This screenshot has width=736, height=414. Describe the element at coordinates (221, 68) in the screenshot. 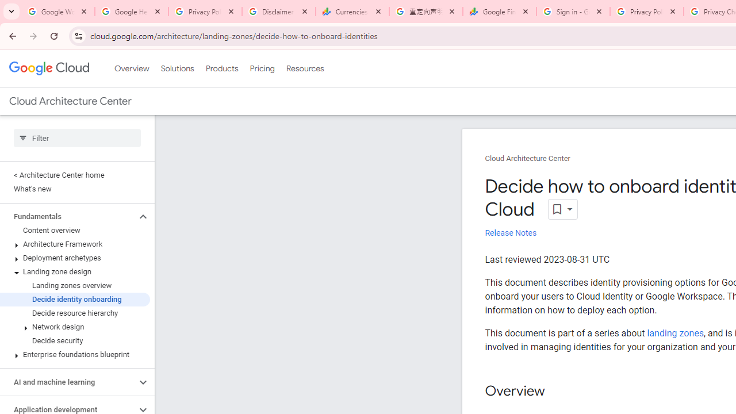

I see `'Products'` at that location.